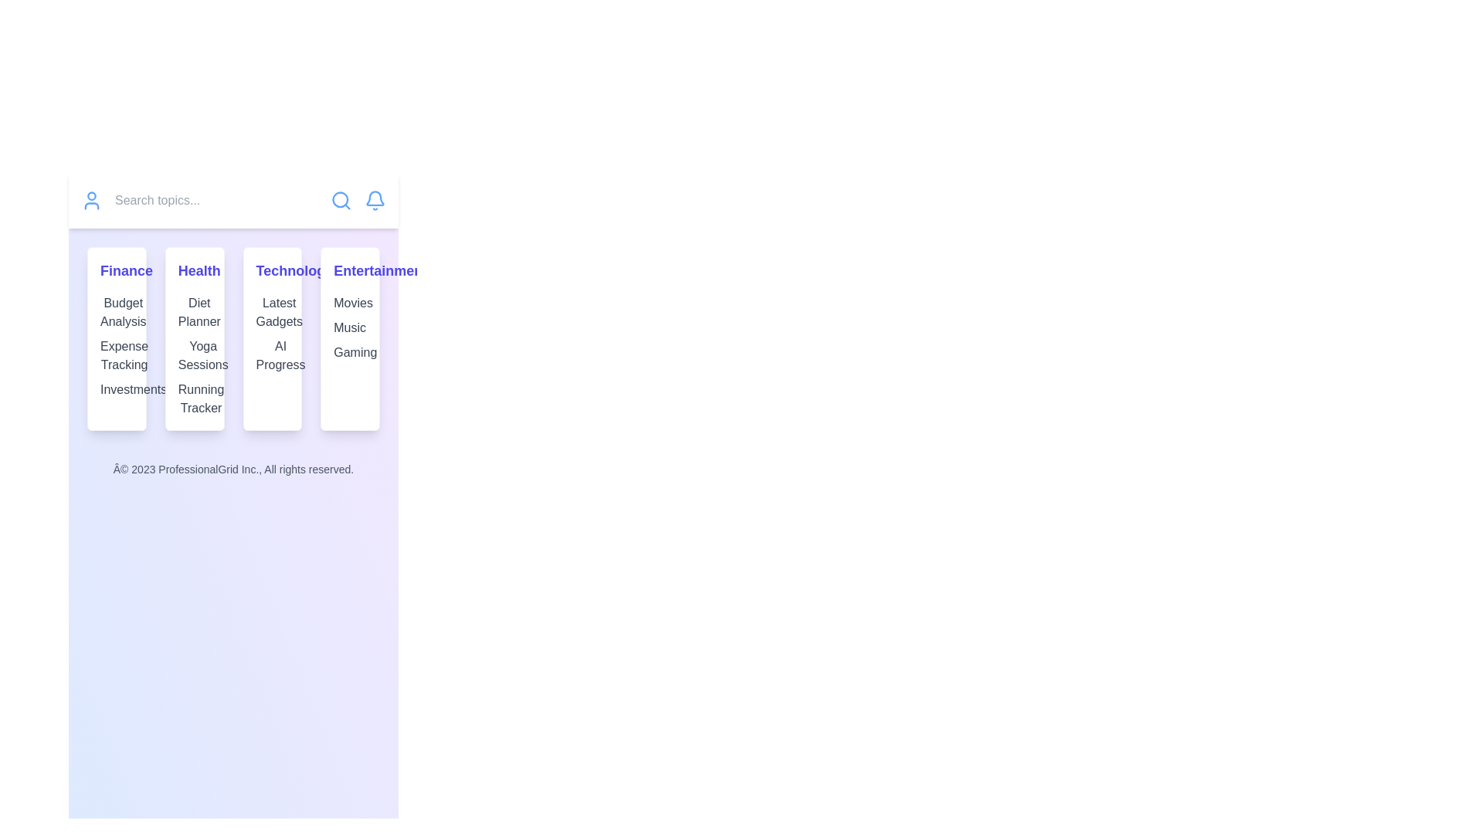 The width and height of the screenshot is (1483, 834). Describe the element at coordinates (339, 198) in the screenshot. I see `the circular glass portion of the magnifying glass icon located in the top navigation bar, adjacent to the search input field and notification bell icon` at that location.